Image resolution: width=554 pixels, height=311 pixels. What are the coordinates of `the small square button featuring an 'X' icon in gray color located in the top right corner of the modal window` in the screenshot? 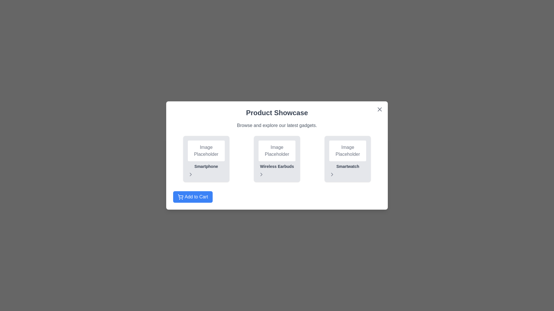 It's located at (379, 109).